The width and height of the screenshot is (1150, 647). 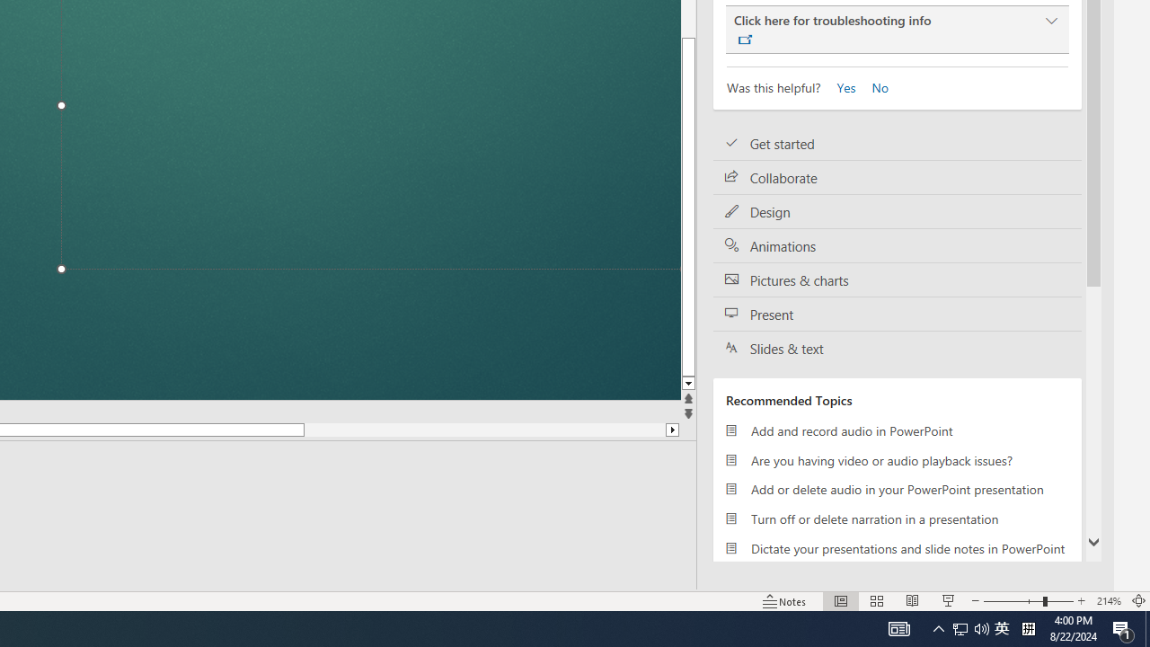 What do you see at coordinates (877, 601) in the screenshot?
I see `'Slide Sorter'` at bounding box center [877, 601].